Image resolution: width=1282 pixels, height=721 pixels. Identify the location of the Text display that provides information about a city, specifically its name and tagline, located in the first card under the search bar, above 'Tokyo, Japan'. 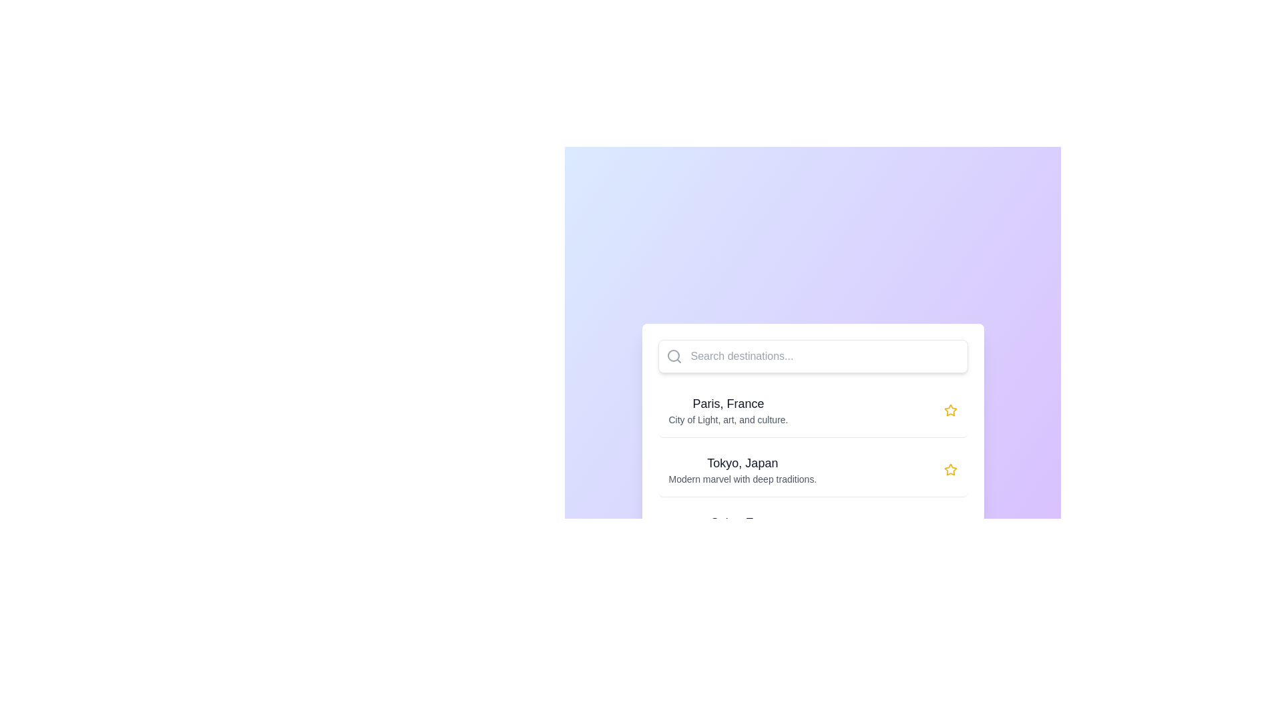
(727, 409).